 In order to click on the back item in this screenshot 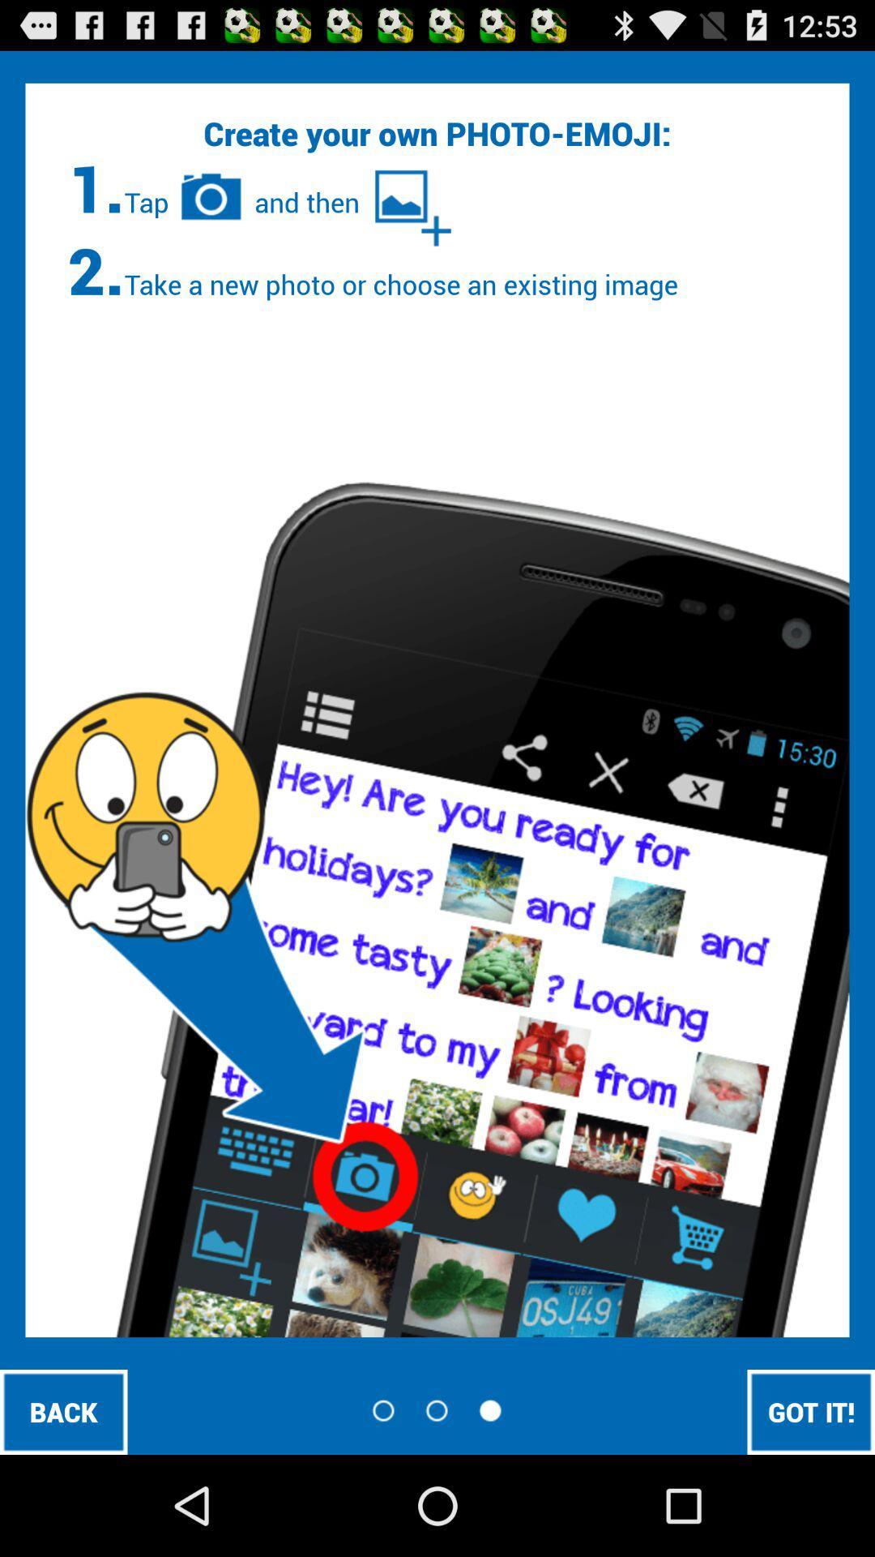, I will do `click(62, 1411)`.